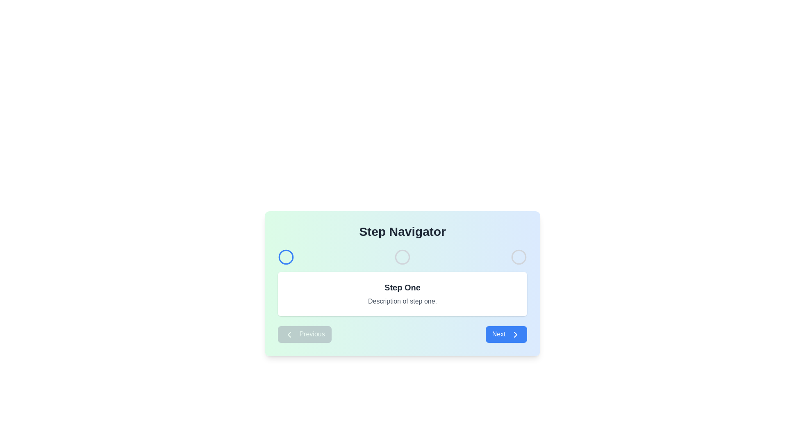 The width and height of the screenshot is (787, 443). I want to click on the status of the central circular step indicator in the Step Navigator, which is positioned between the left blue-outlined circle and the right gray-outlined circle, so click(403, 257).